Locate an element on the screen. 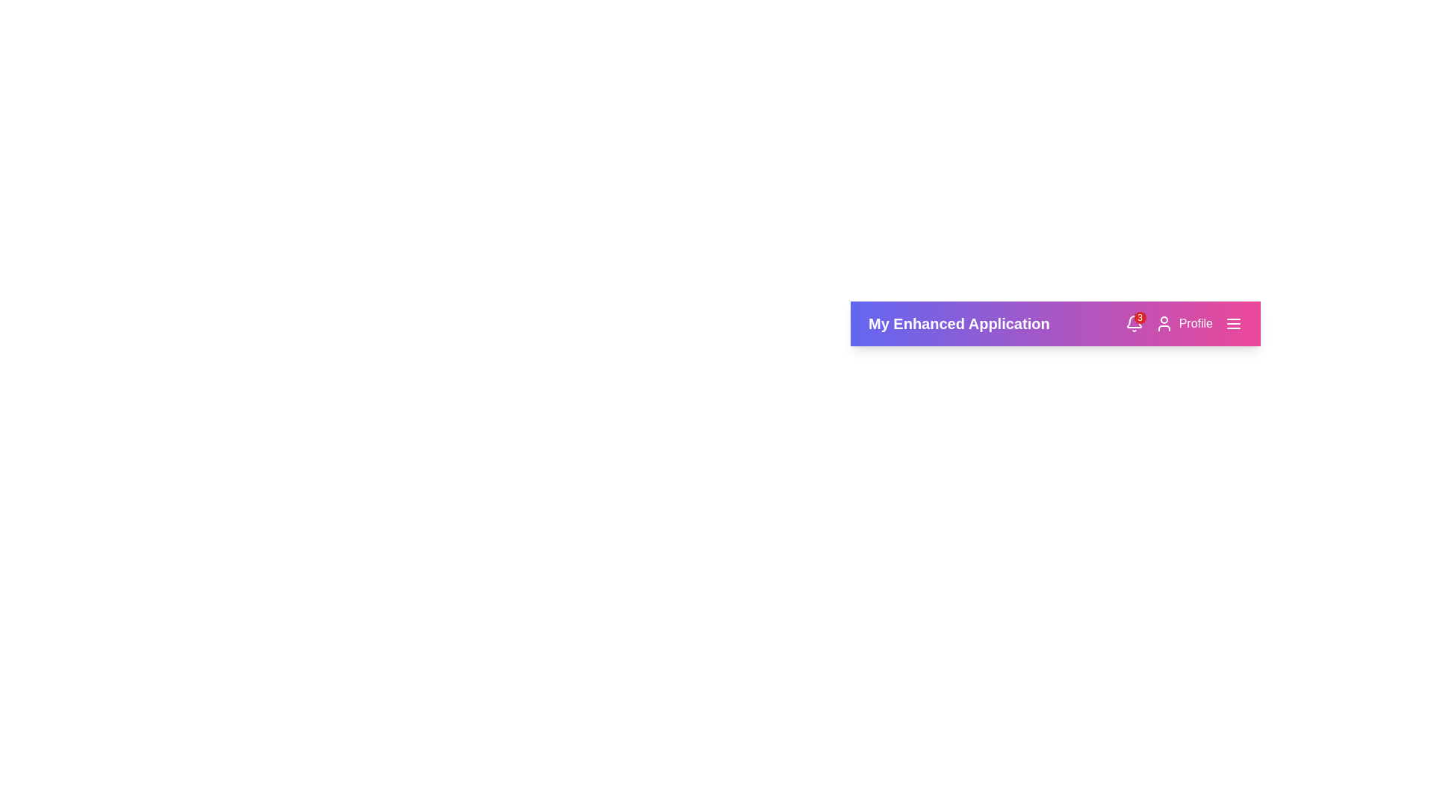  the profile icon is located at coordinates (1183, 323).